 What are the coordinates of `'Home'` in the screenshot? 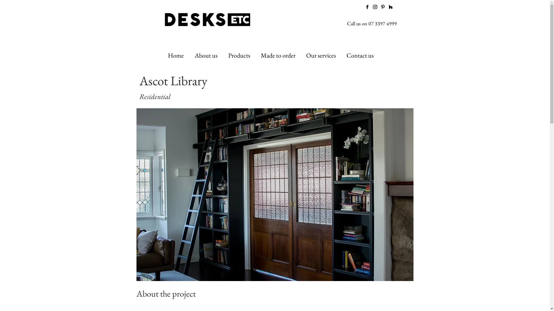 It's located at (176, 55).